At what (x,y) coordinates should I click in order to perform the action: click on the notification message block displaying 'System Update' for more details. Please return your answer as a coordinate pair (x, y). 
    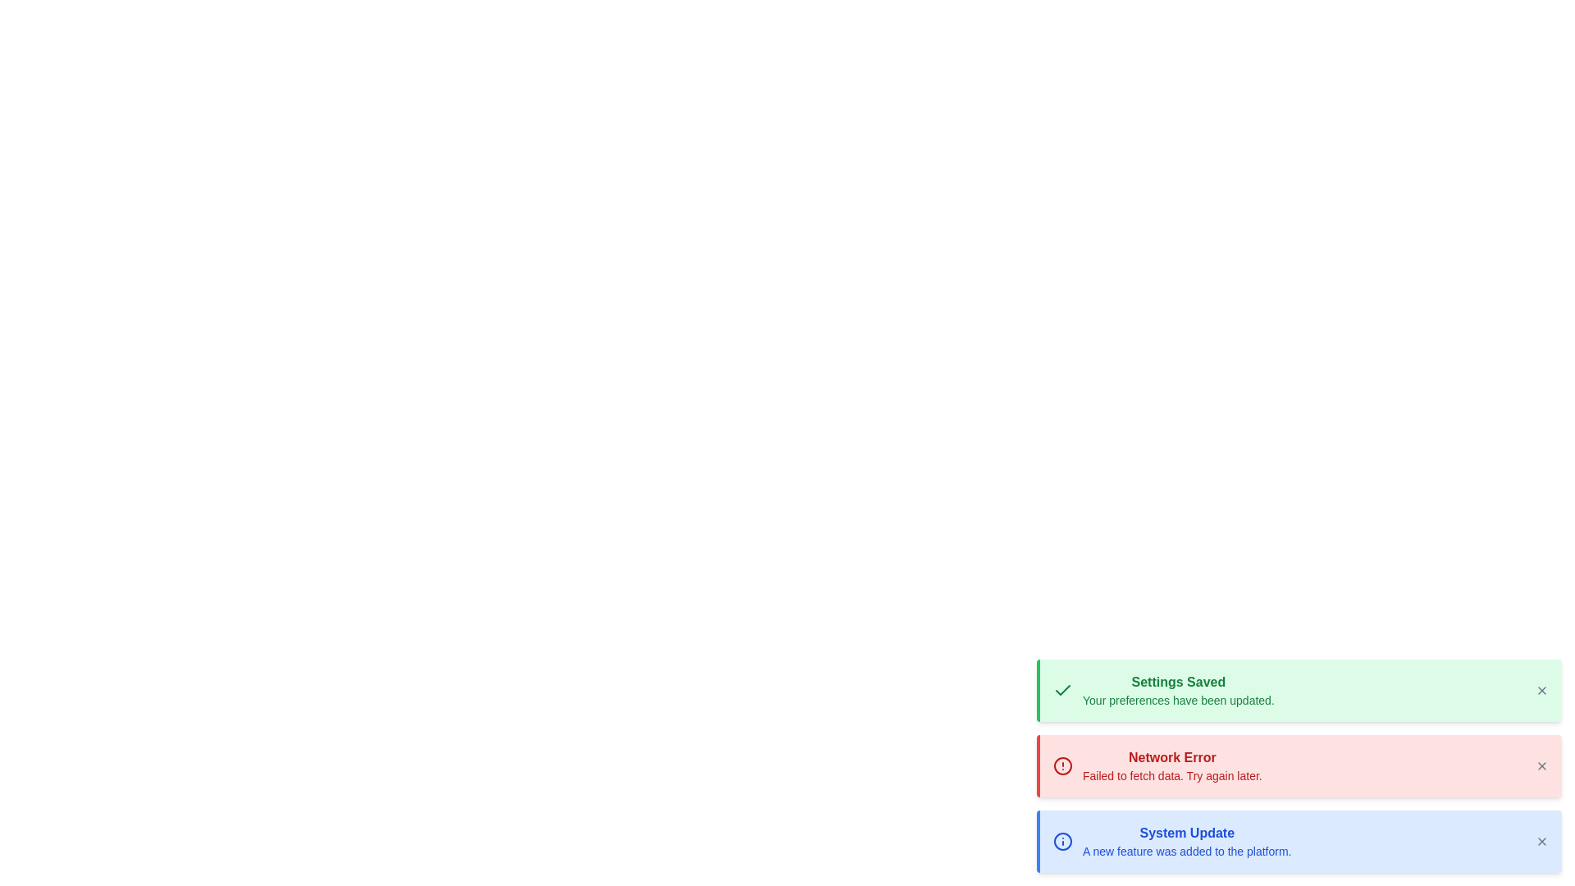
    Looking at the image, I should click on (1171, 842).